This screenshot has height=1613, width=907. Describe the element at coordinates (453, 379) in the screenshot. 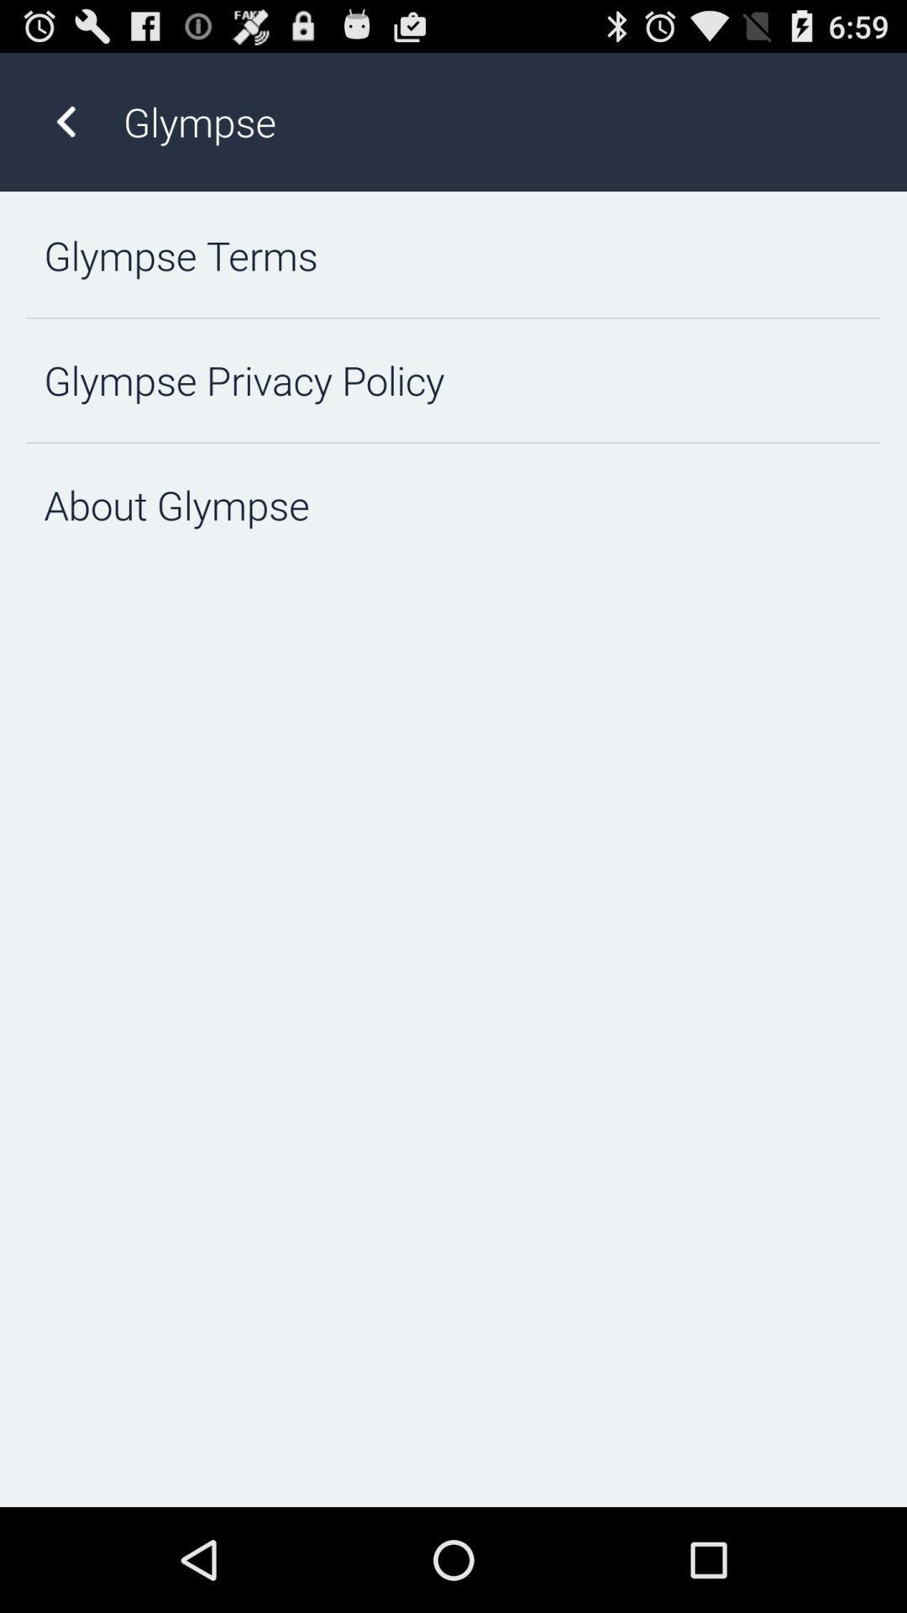

I see `glympse privacy policy icon` at that location.